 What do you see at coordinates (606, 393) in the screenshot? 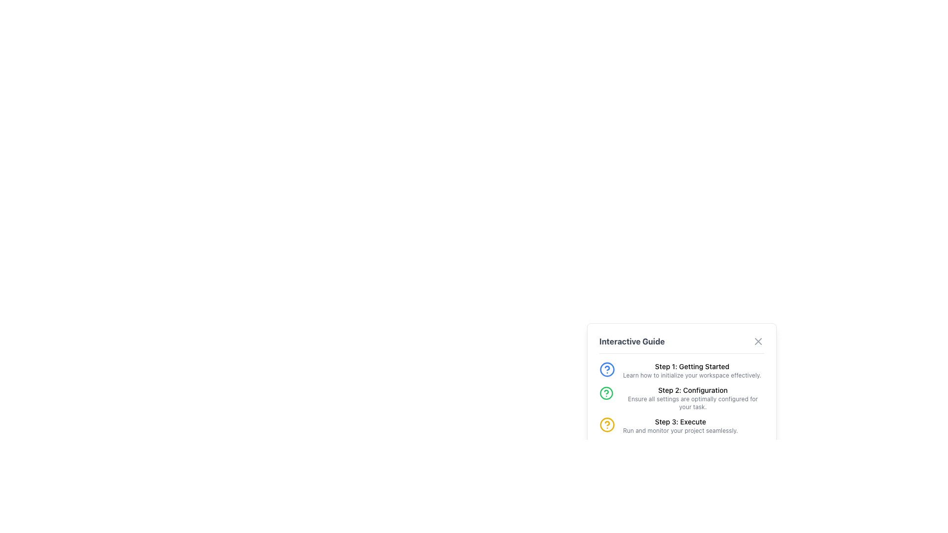
I see `the icon marking the second step in the interactive guide, located to the left of the text 'Step 2: Configuration'` at bounding box center [606, 393].